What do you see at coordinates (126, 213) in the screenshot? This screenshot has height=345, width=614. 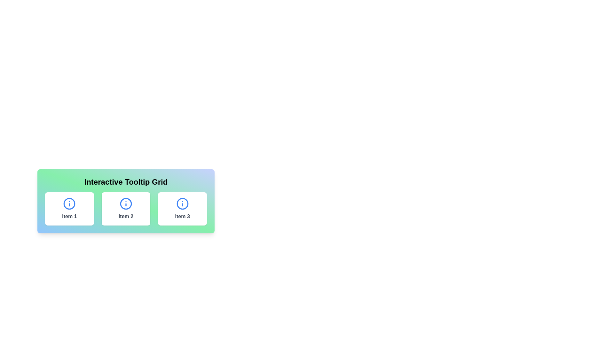 I see `the 'Interactive Tooltip Grid'` at bounding box center [126, 213].